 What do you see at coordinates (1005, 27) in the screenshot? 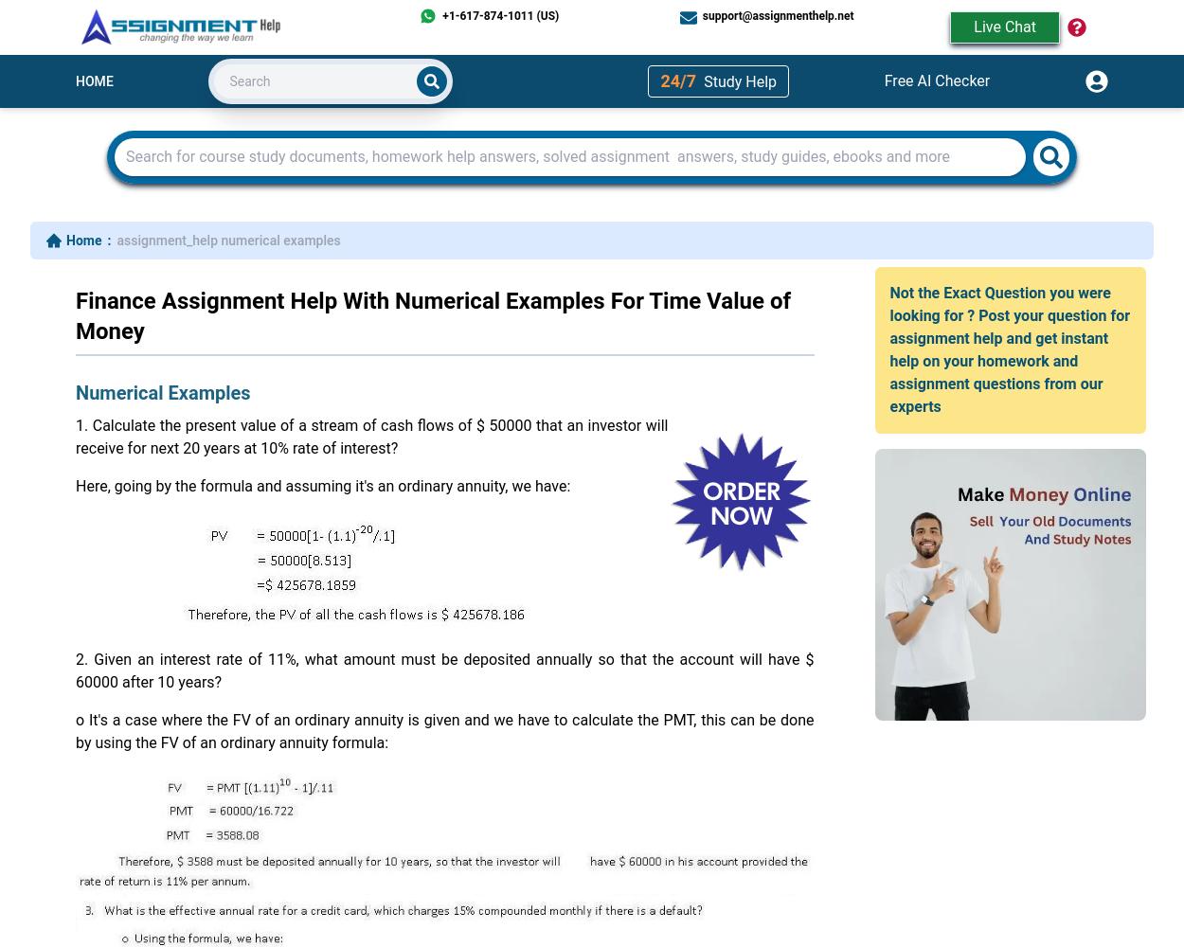
I see `'Live Chat'` at bounding box center [1005, 27].